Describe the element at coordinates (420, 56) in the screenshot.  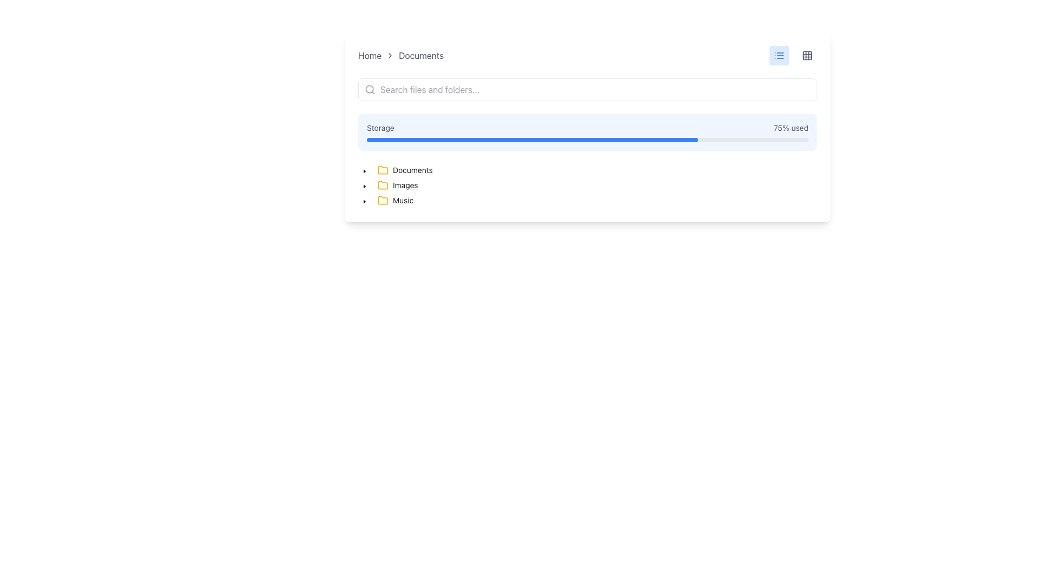
I see `the 'Documents' text in the breadcrumb navigation` at that location.